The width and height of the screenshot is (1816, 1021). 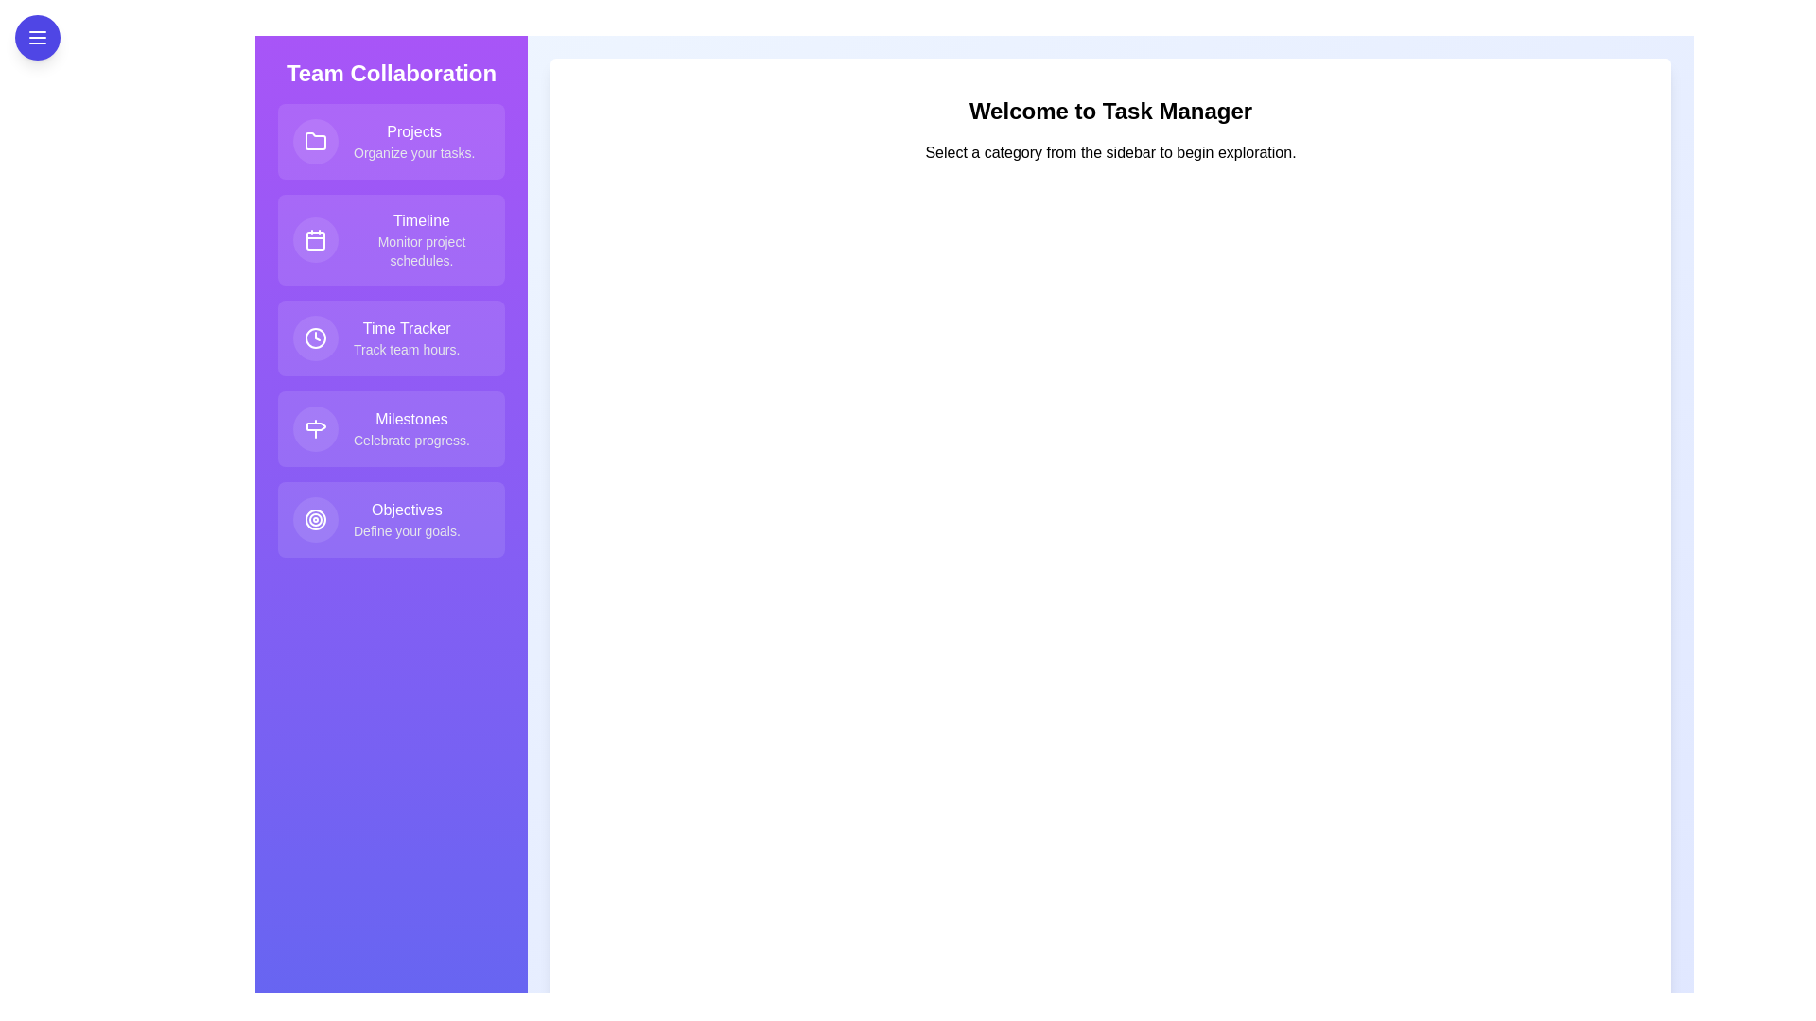 I want to click on the feature item Objectives from the list, so click(x=390, y=520).